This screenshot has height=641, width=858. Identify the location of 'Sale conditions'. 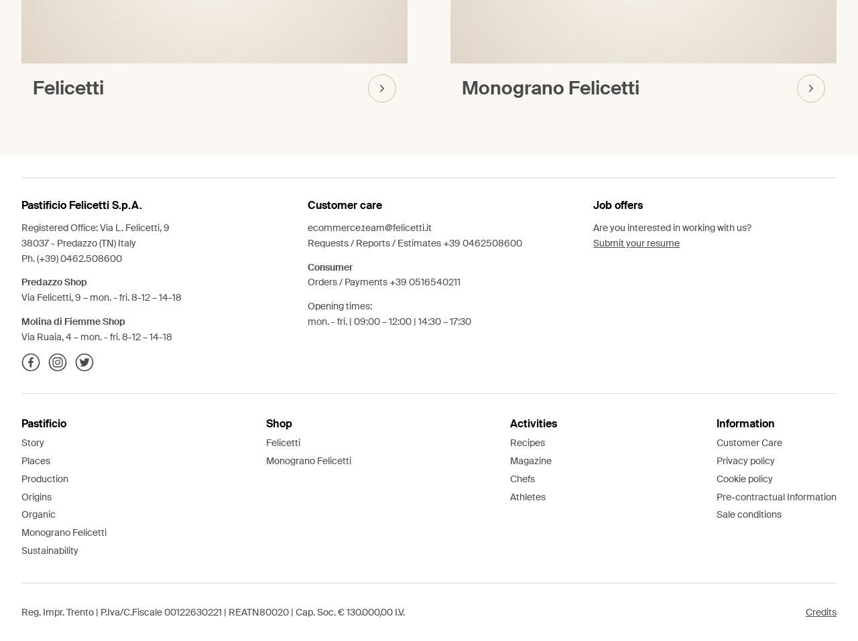
(747, 513).